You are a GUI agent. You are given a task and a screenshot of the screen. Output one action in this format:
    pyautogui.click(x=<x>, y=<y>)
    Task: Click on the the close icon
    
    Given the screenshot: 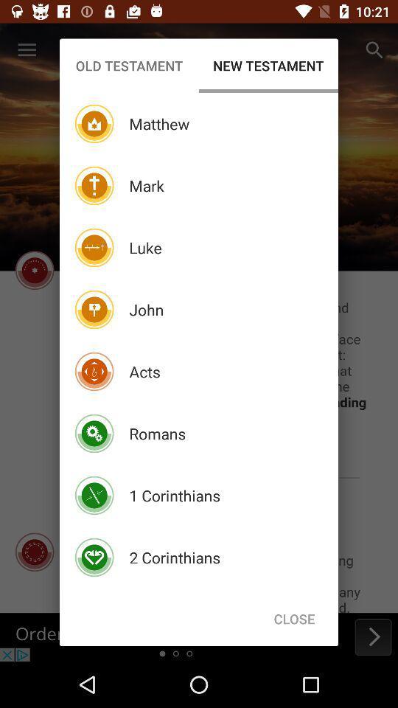 What is the action you would take?
    pyautogui.click(x=294, y=619)
    